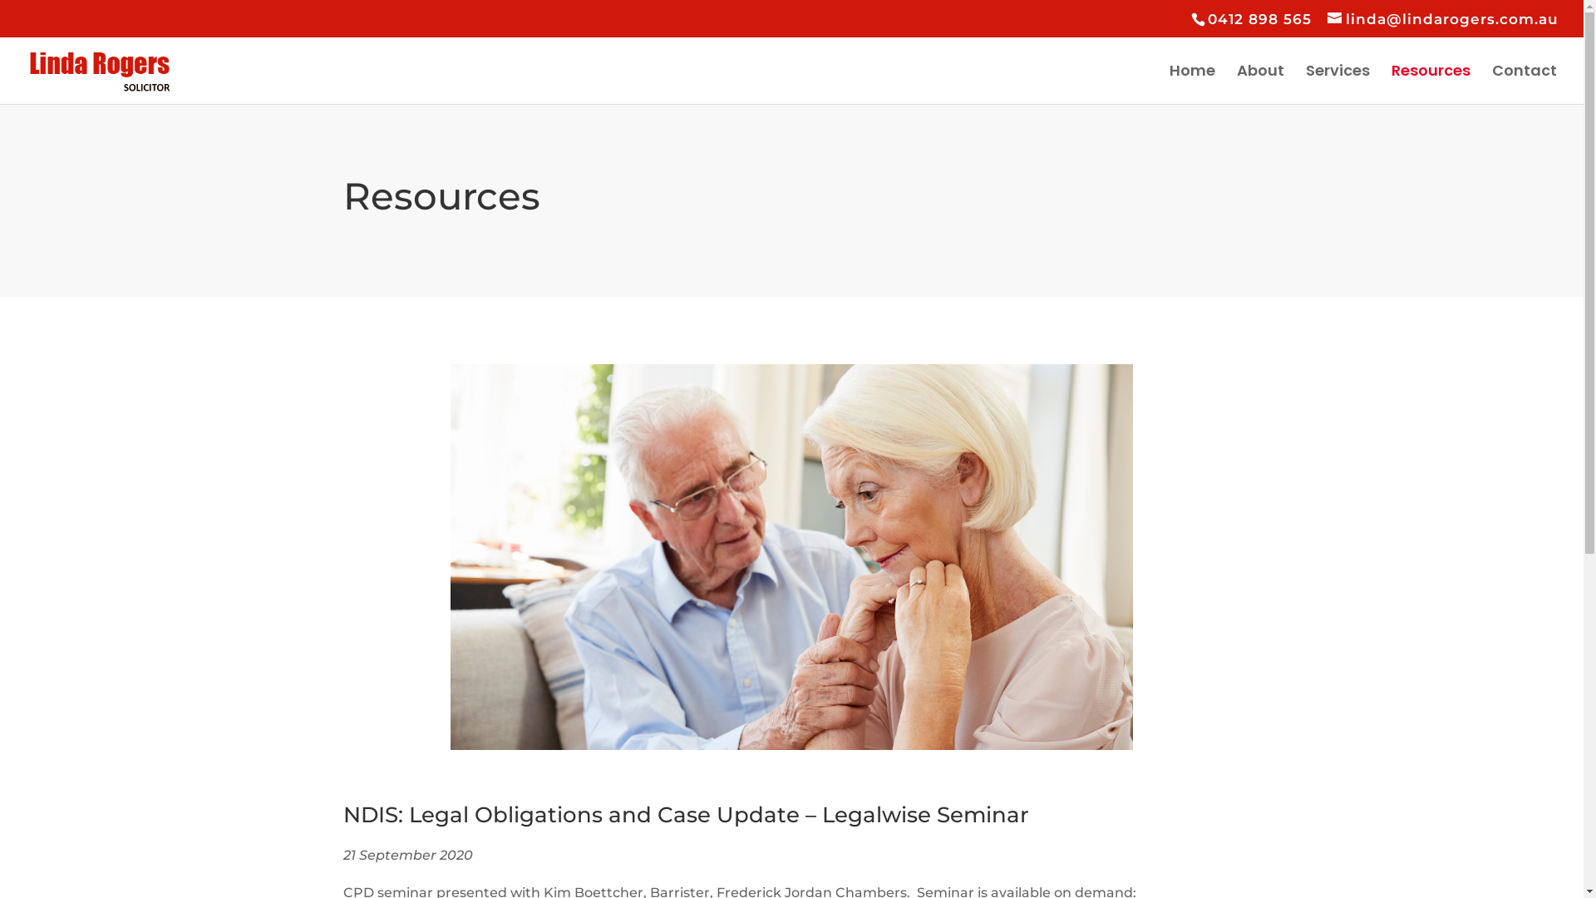 This screenshot has height=898, width=1596. What do you see at coordinates (1337, 84) in the screenshot?
I see `'Services'` at bounding box center [1337, 84].